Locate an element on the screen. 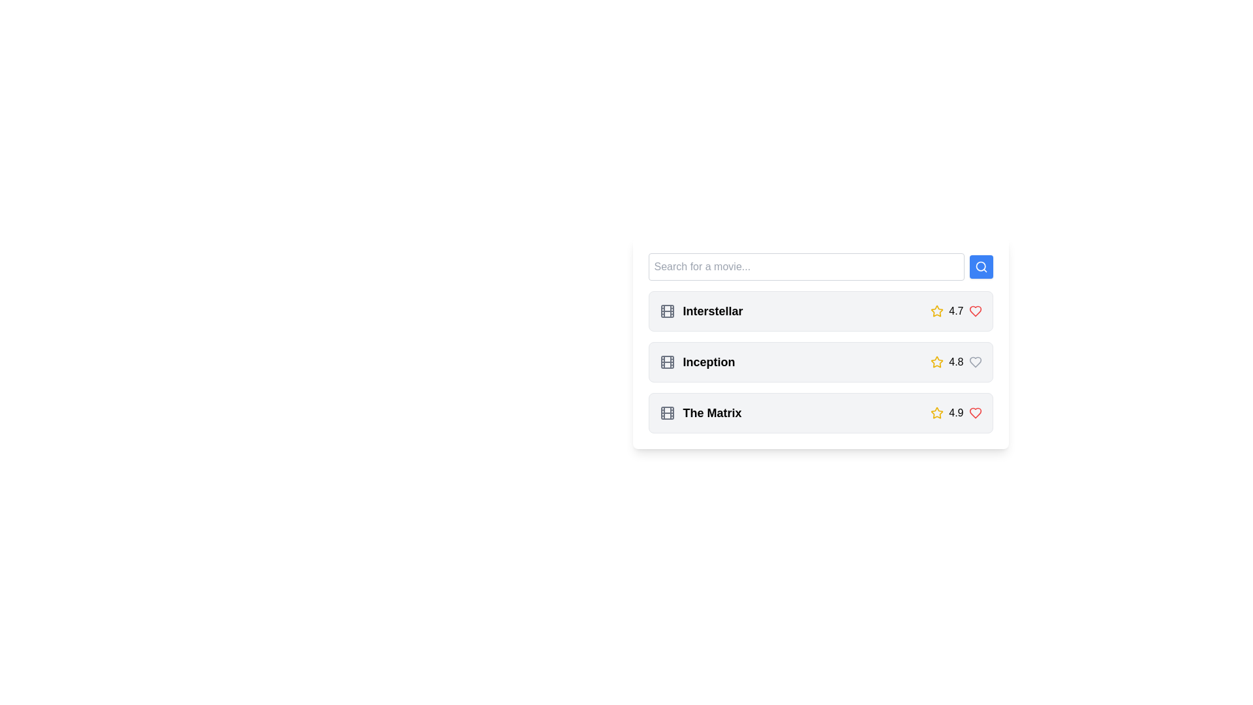  the label text displaying the title of the movie 'The Matrix', which is centrally aligned in the third row of the list under the search bar is located at coordinates (711, 413).